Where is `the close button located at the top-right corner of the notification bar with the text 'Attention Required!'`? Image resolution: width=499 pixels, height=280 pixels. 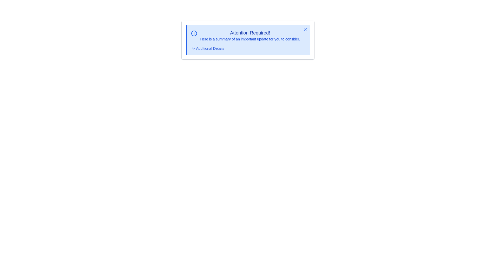 the close button located at the top-right corner of the notification bar with the text 'Attention Required!' is located at coordinates (305, 30).